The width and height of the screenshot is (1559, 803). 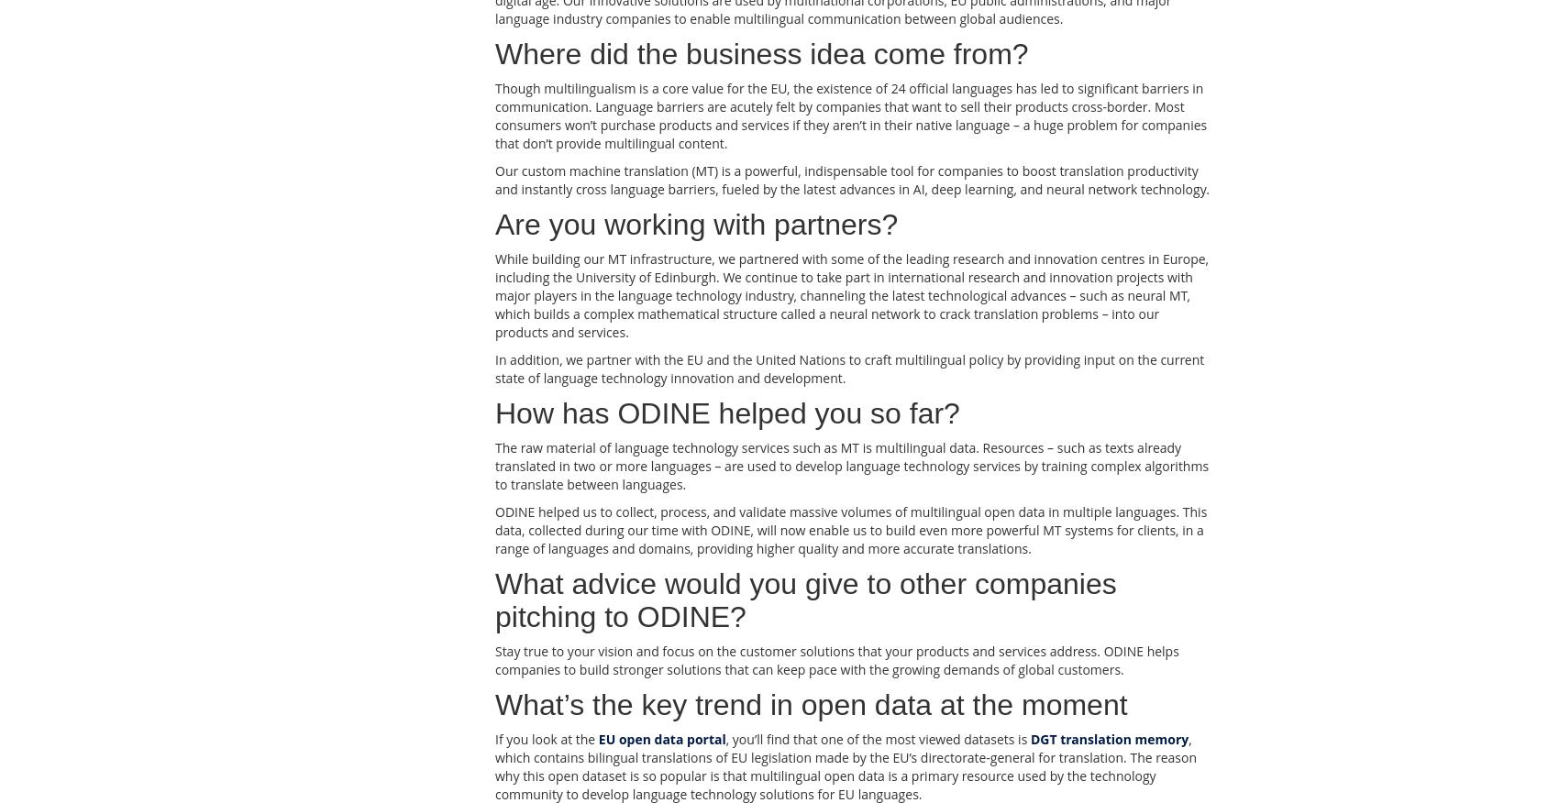 I want to click on 'If you look at the', so click(x=545, y=738).